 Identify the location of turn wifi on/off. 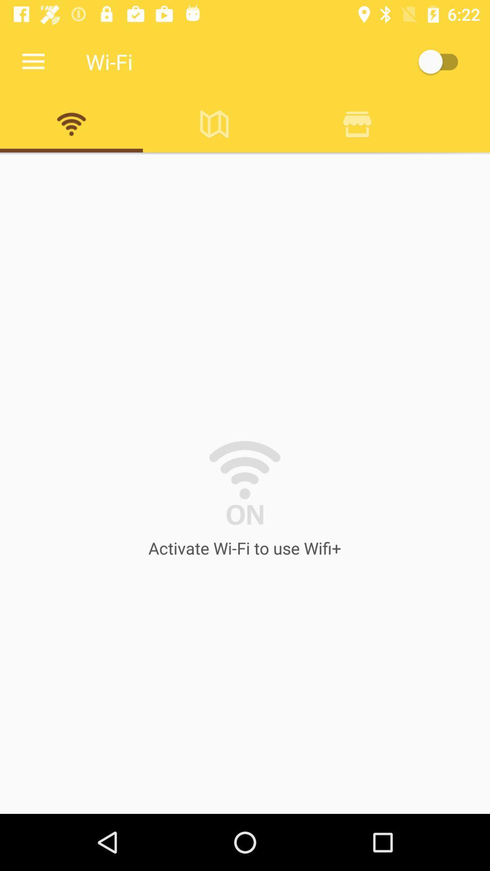
(442, 61).